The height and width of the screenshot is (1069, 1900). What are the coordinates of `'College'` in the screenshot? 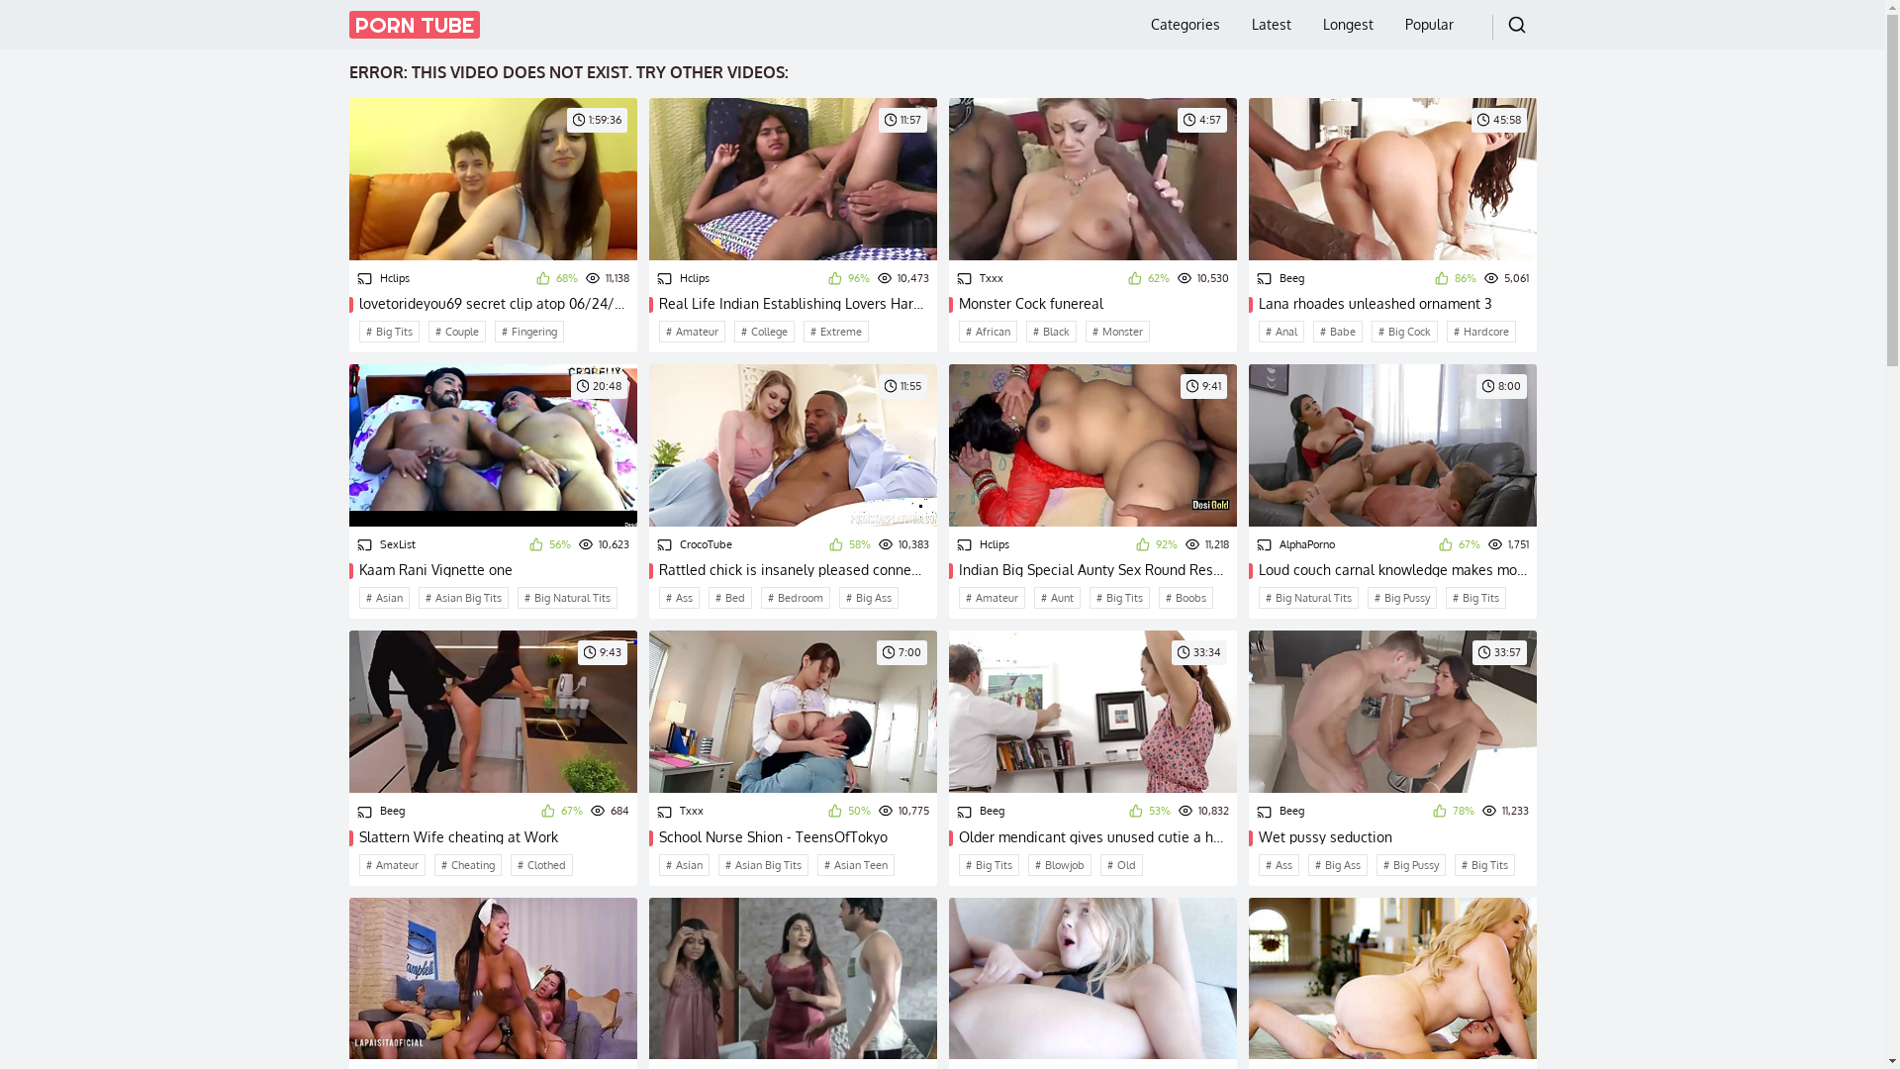 It's located at (763, 331).